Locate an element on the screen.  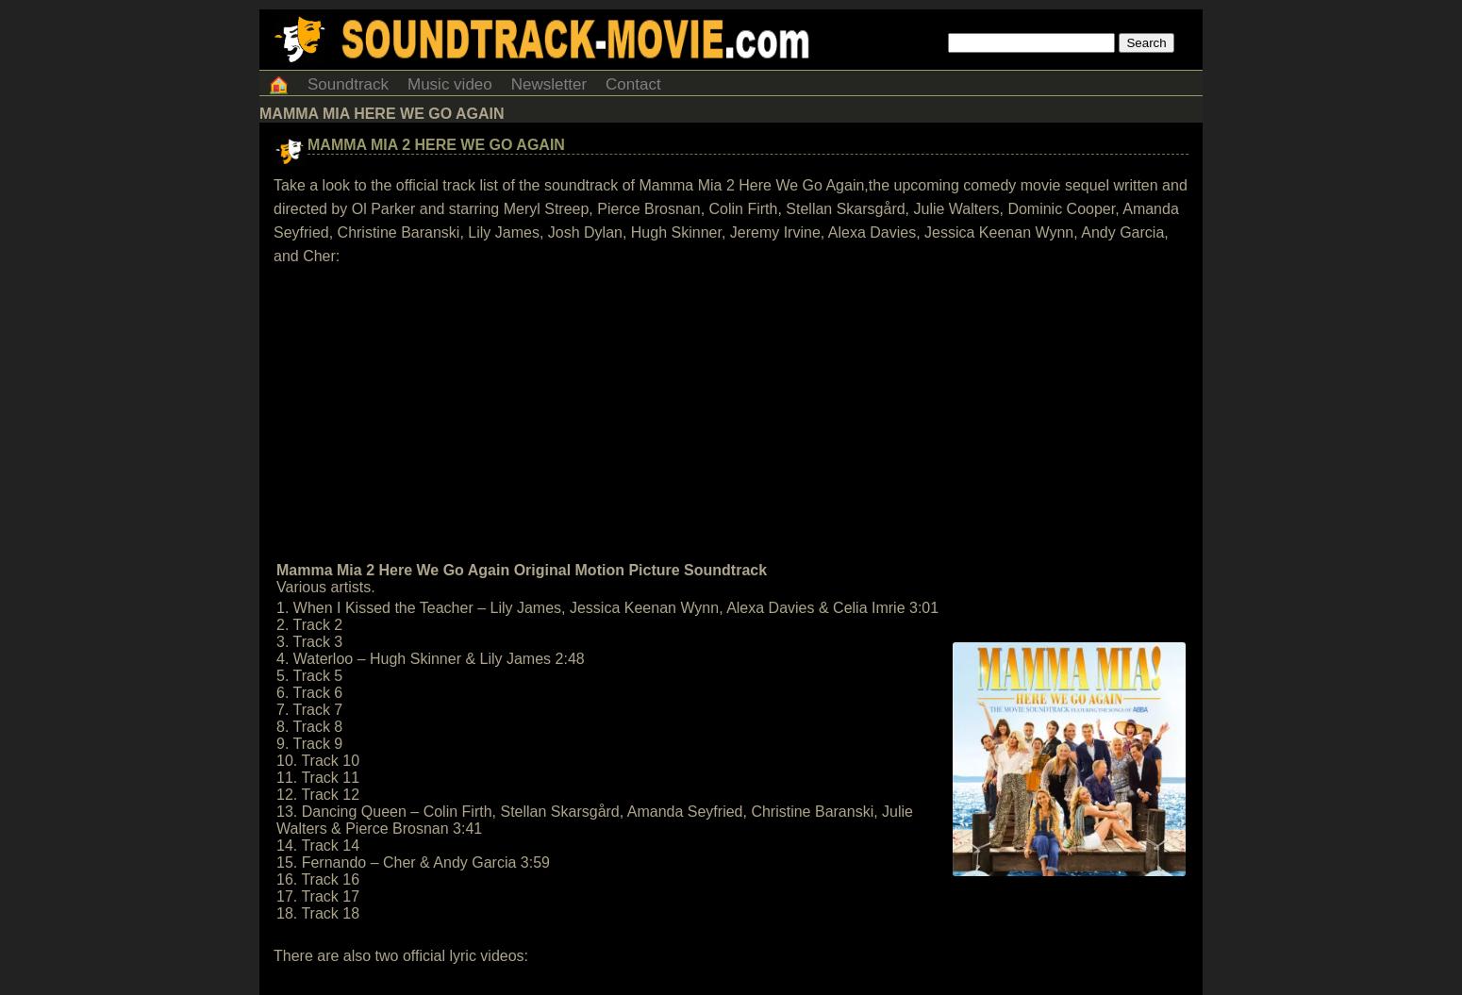
'8. Track 8' is located at coordinates (307, 725).